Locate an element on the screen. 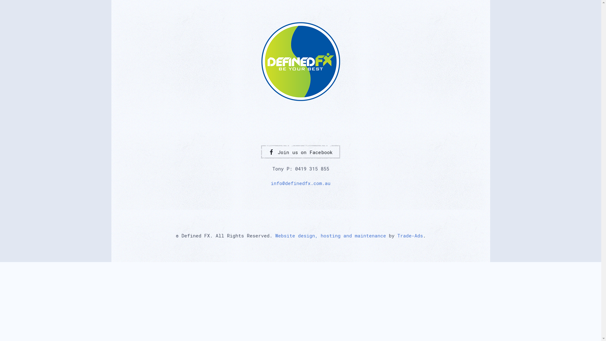  'Join us on Facebook' is located at coordinates (300, 152).